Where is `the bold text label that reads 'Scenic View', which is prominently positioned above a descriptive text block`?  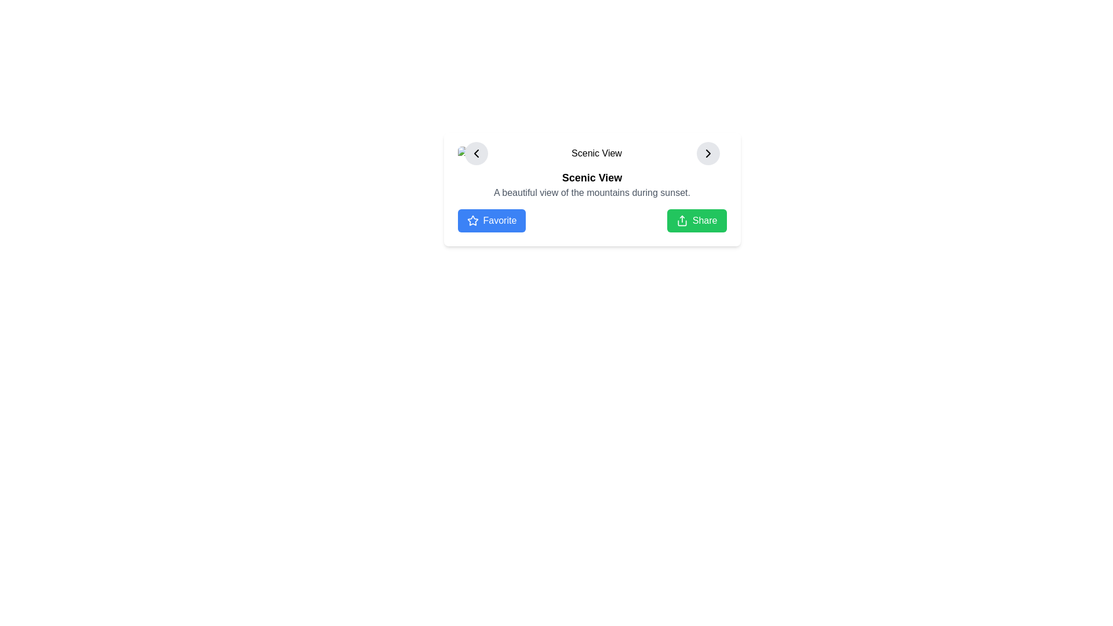
the bold text label that reads 'Scenic View', which is prominently positioned above a descriptive text block is located at coordinates (592, 178).